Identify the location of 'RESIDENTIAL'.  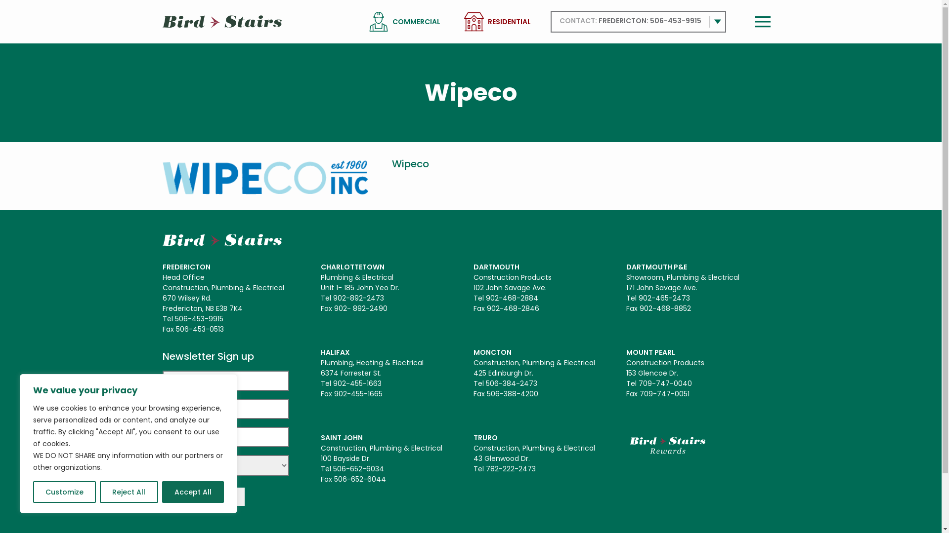
(487, 22).